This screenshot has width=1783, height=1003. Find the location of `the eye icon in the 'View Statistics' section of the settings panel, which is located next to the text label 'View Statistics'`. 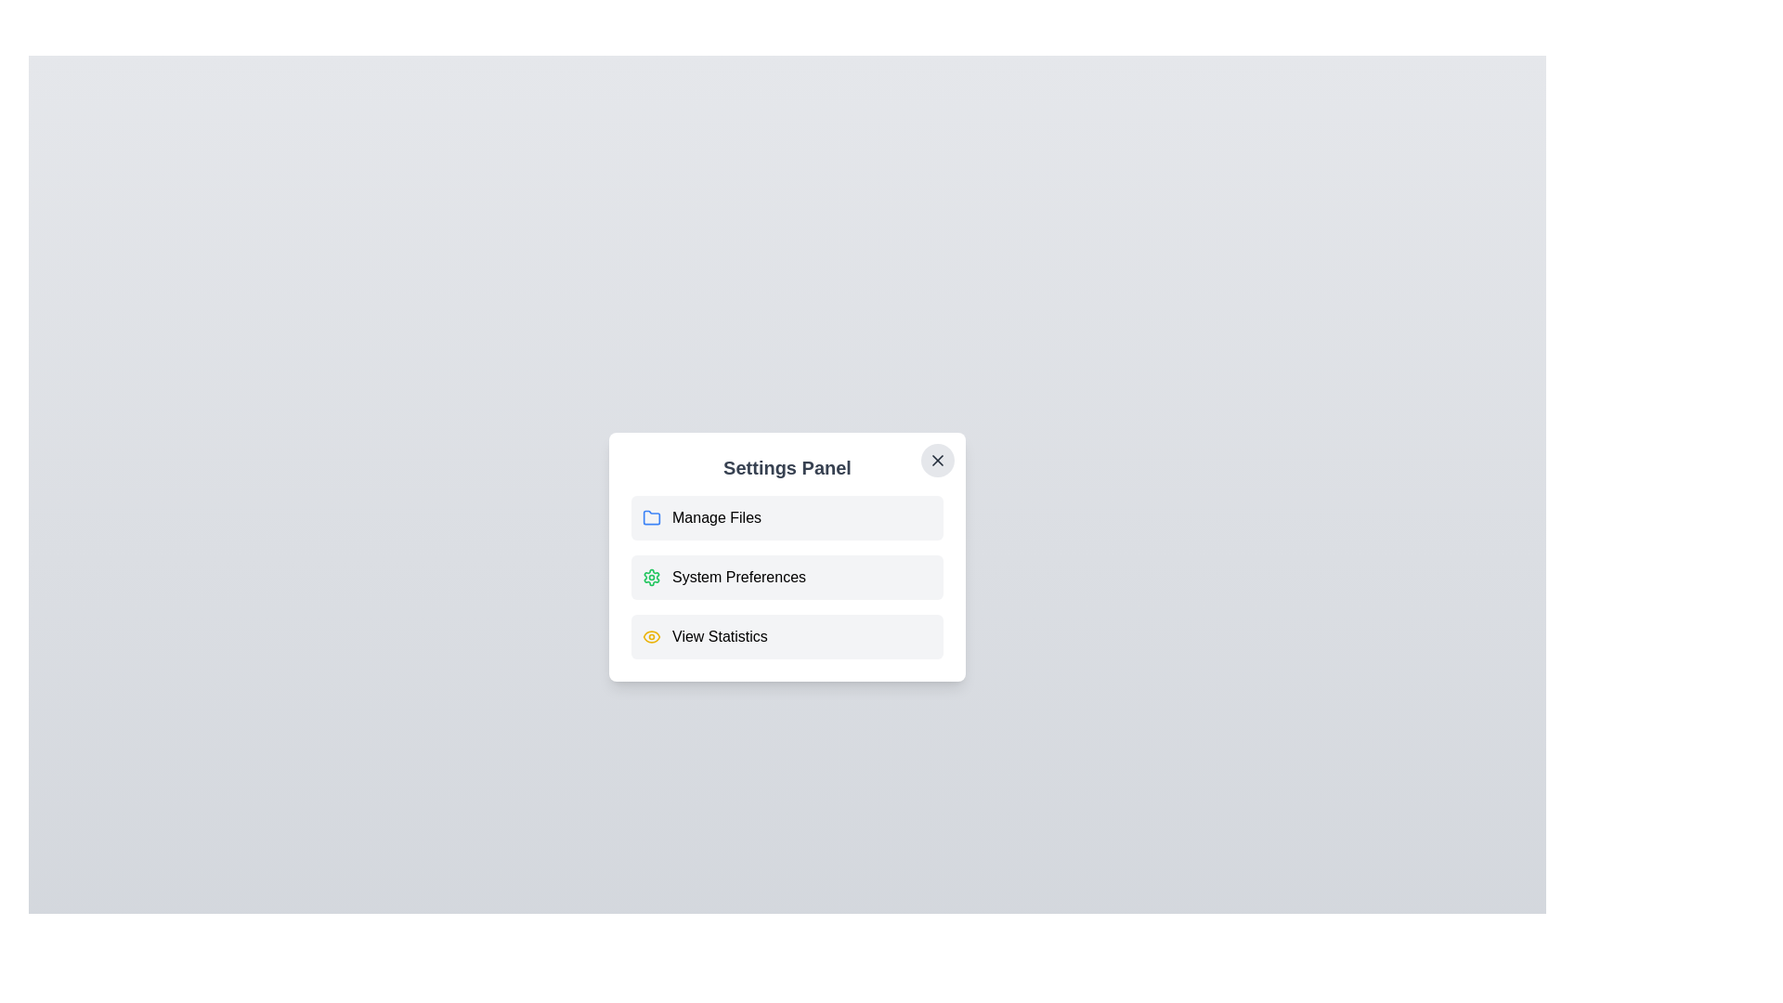

the eye icon in the 'View Statistics' section of the settings panel, which is located next to the text label 'View Statistics' is located at coordinates (651, 636).